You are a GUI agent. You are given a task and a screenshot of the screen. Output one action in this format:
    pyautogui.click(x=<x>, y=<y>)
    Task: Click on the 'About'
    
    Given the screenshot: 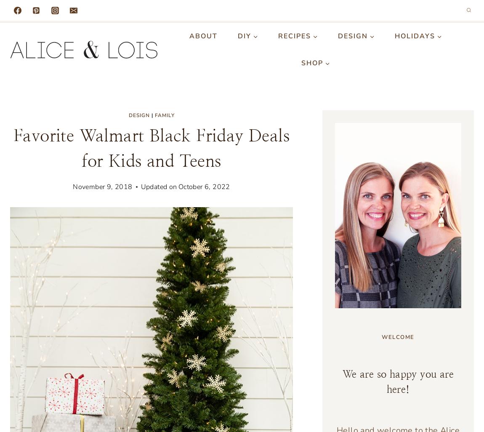 What is the action you would take?
    pyautogui.click(x=203, y=35)
    